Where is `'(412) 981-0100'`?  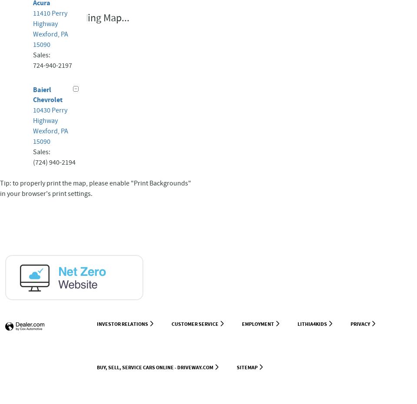
'(412) 981-0100' is located at coordinates (53, 345).